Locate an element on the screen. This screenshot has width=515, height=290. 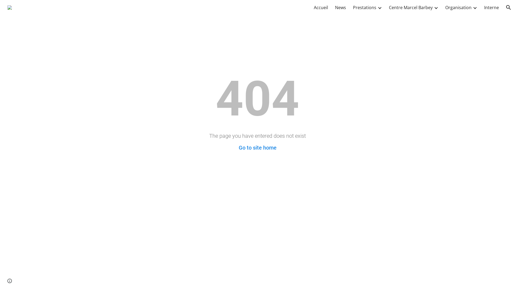
'Expand/Collapse' is located at coordinates (472, 7).